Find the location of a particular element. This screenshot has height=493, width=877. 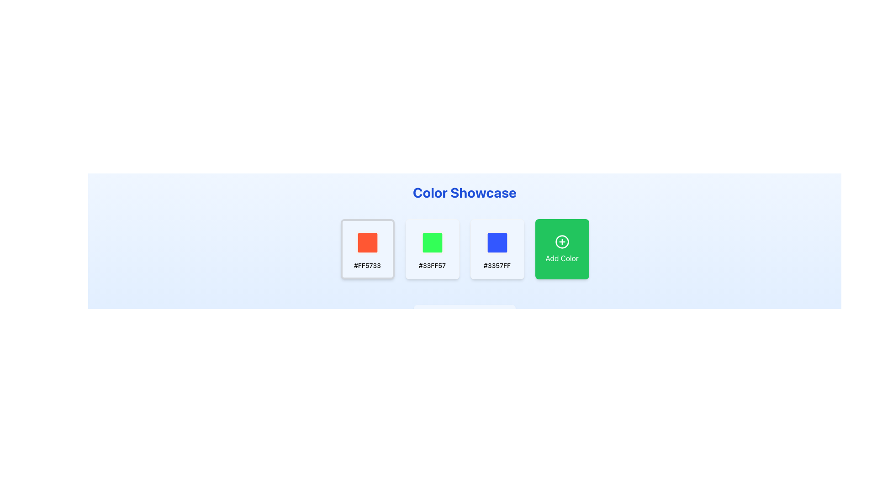

the descriptive text label indicating the action of adding a new color, which is located at the bottom of a green rectangular button and directly below a circular plus icon is located at coordinates (561, 258).